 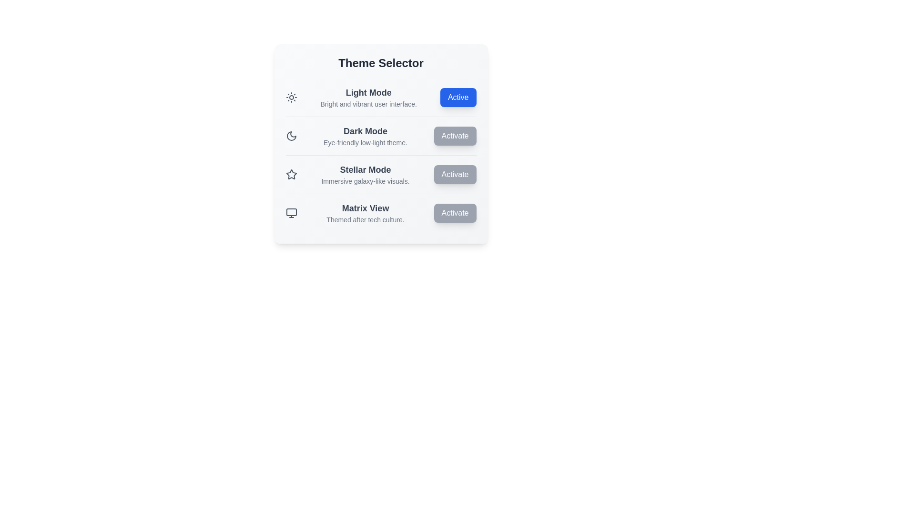 What do you see at coordinates (291, 97) in the screenshot?
I see `the icon for the selected theme Light Mode` at bounding box center [291, 97].